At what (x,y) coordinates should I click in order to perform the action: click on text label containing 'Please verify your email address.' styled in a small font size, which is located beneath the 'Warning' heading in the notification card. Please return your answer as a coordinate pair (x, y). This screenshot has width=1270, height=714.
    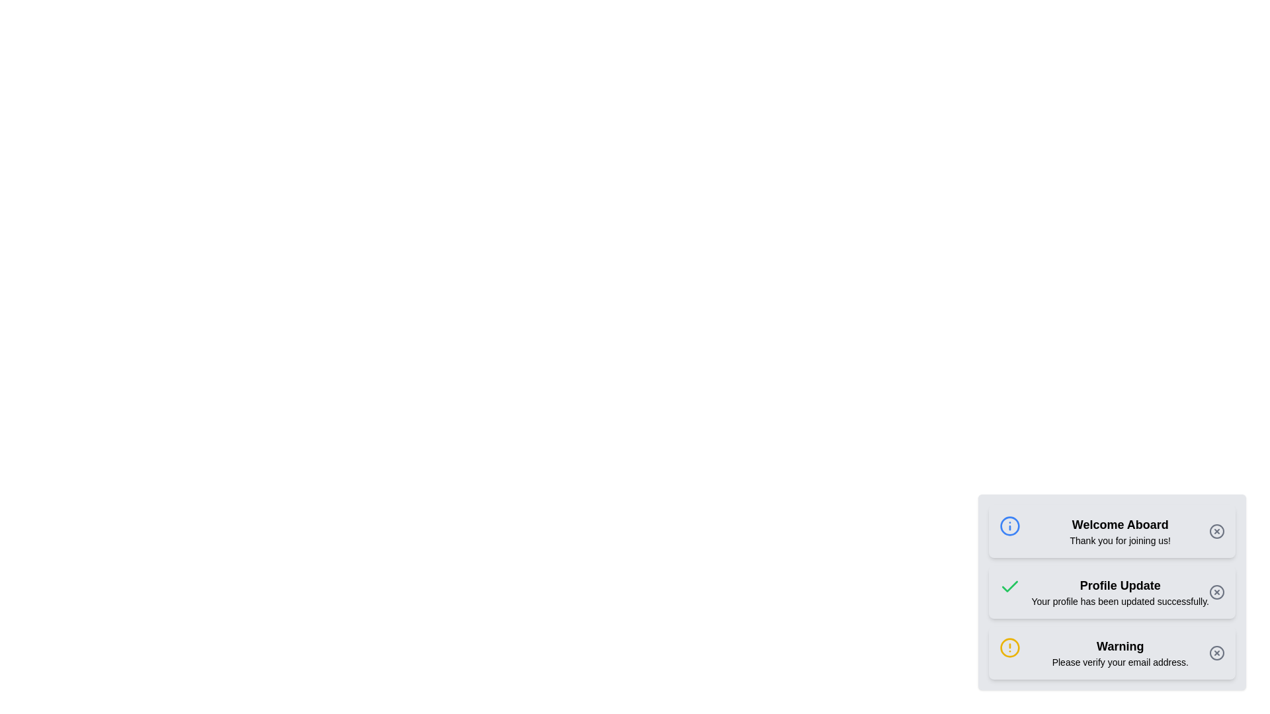
    Looking at the image, I should click on (1119, 662).